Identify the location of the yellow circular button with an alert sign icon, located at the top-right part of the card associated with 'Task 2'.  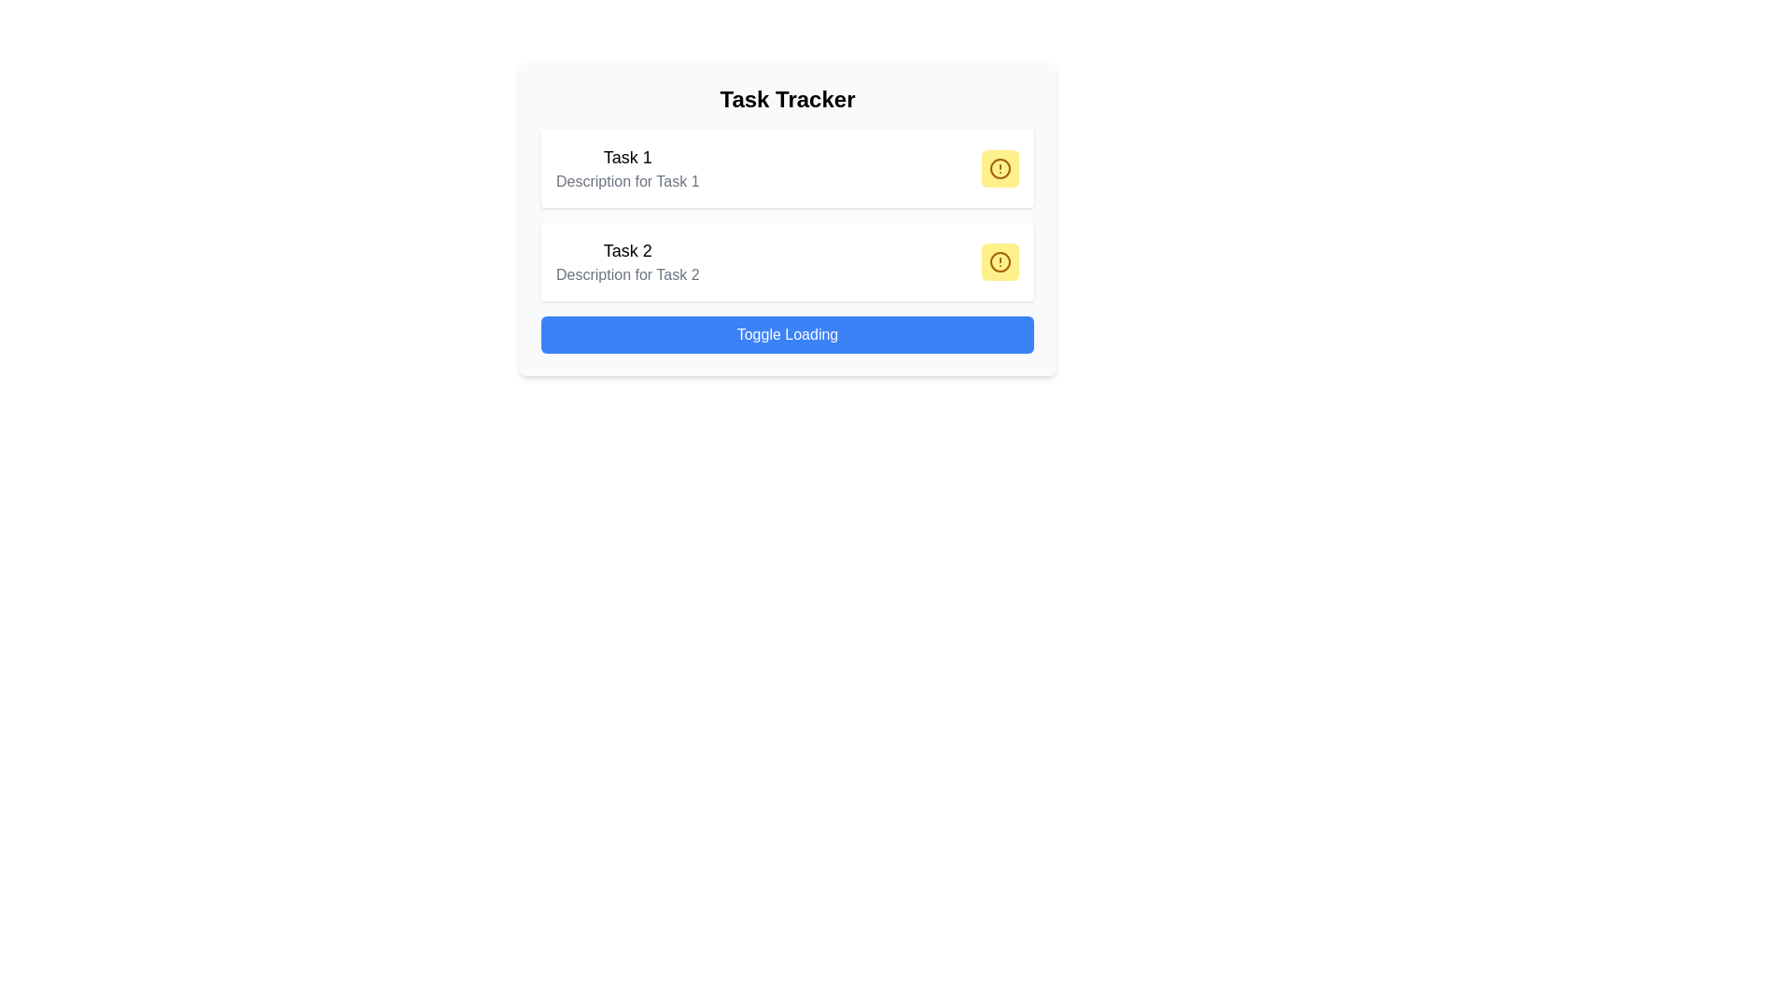
(999, 262).